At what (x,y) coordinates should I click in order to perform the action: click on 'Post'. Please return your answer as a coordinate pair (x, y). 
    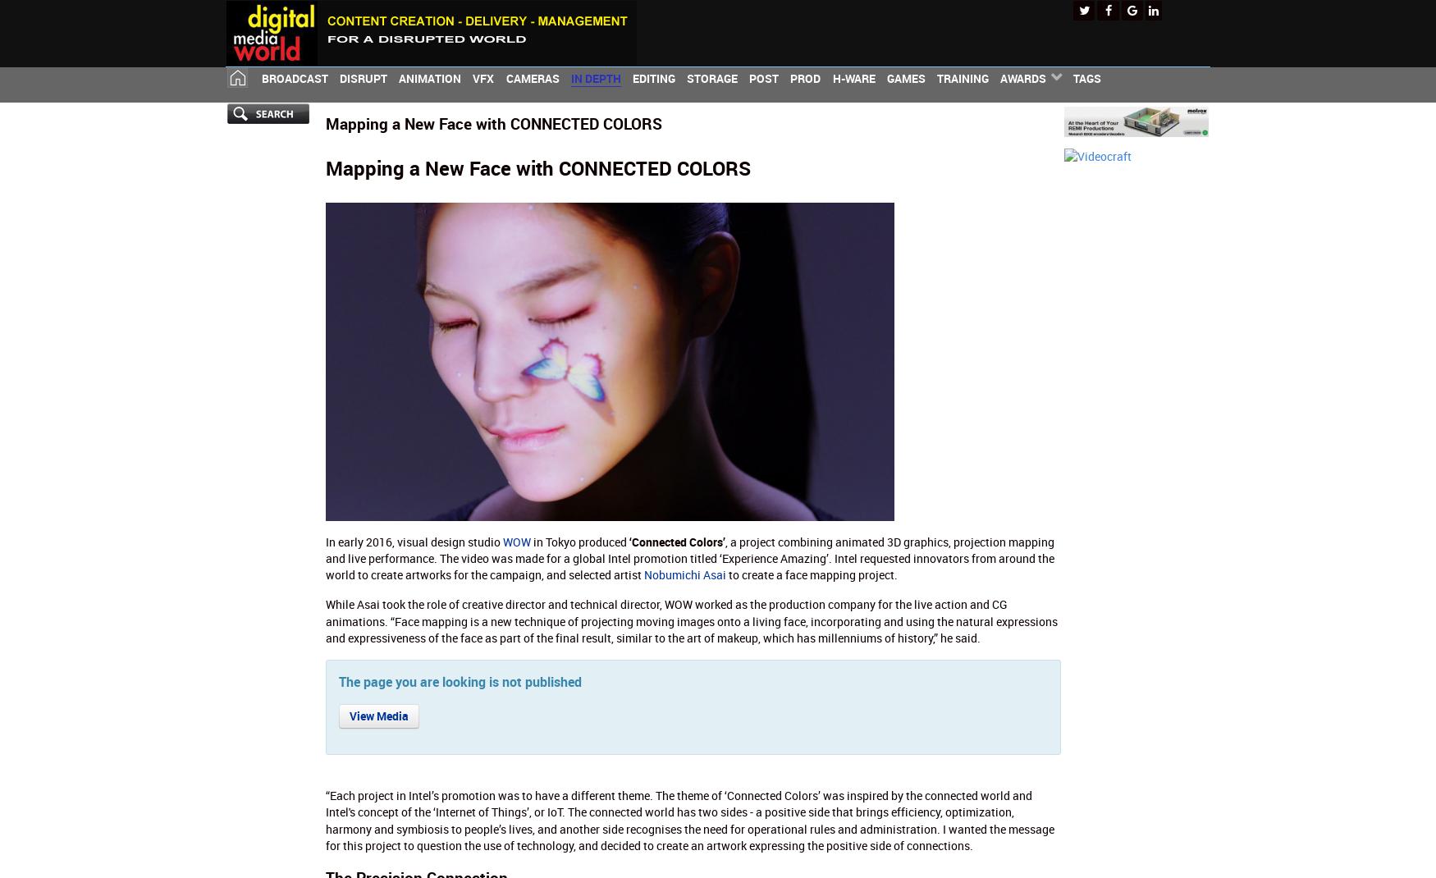
    Looking at the image, I should click on (763, 77).